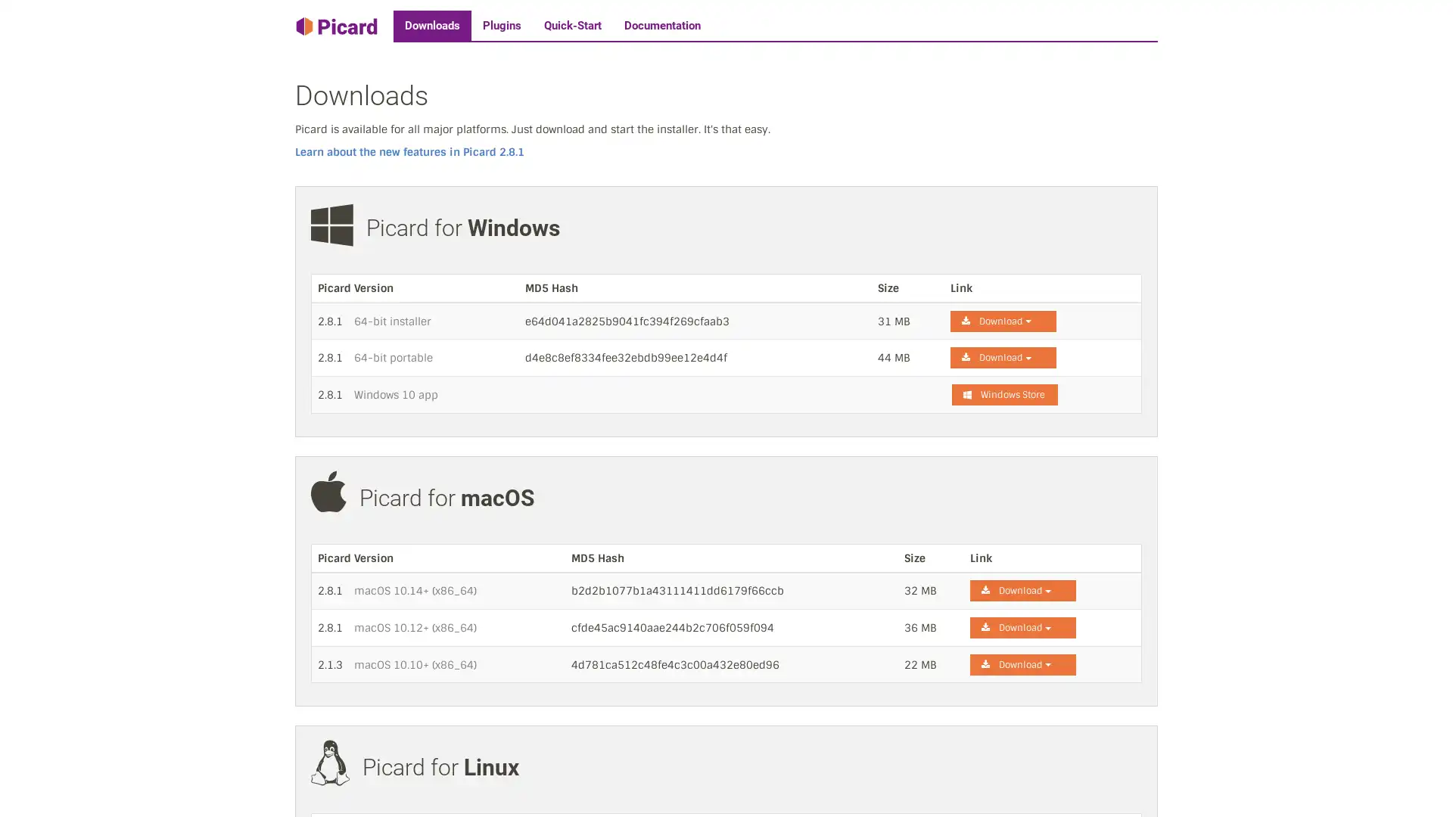 Image resolution: width=1453 pixels, height=817 pixels. What do you see at coordinates (1023, 663) in the screenshot?
I see `Download` at bounding box center [1023, 663].